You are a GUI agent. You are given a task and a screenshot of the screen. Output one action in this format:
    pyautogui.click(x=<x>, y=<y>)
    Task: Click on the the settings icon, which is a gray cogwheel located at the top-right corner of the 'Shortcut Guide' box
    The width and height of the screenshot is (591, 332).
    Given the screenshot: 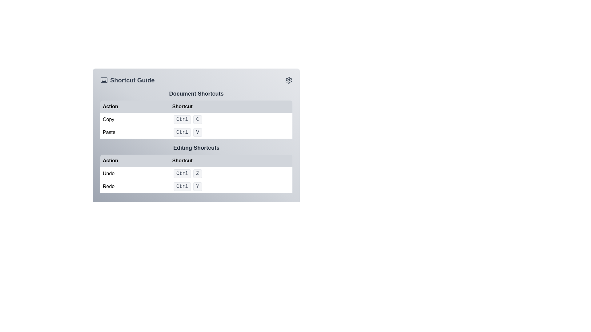 What is the action you would take?
    pyautogui.click(x=288, y=80)
    